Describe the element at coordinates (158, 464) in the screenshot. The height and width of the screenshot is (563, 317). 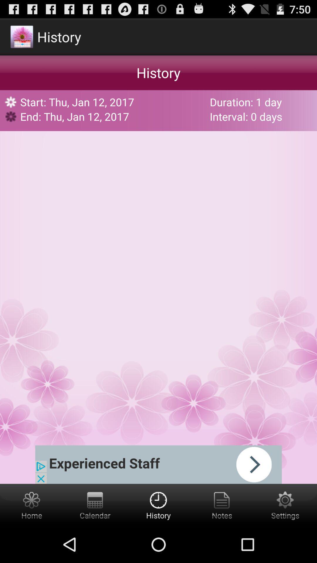
I see `advertisement` at that location.